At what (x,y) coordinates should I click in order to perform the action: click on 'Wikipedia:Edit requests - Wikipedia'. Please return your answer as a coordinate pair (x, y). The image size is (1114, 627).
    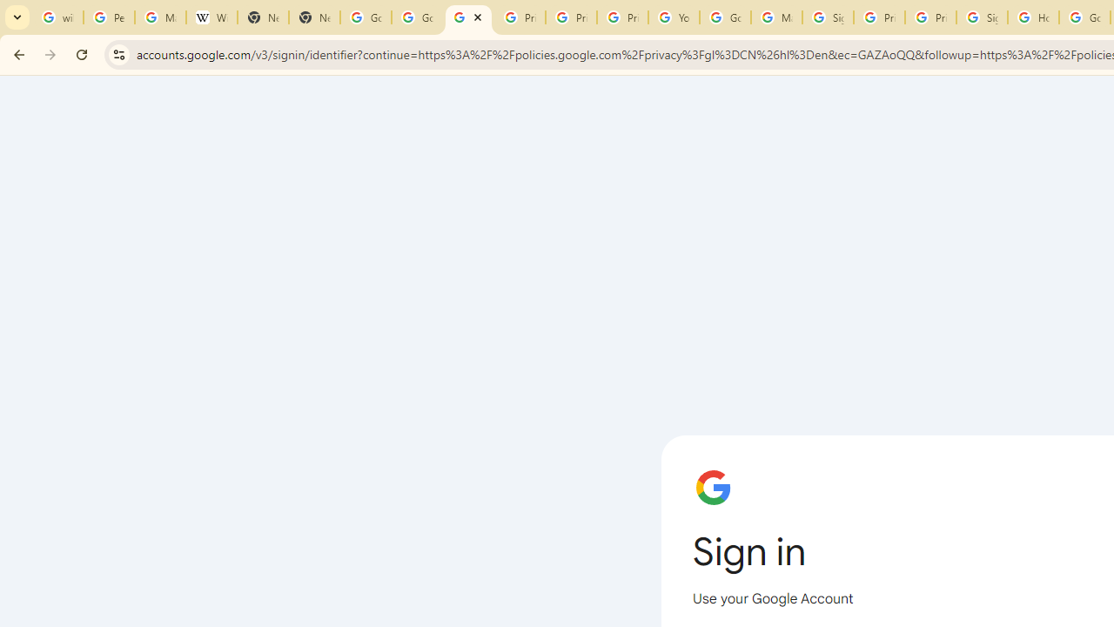
    Looking at the image, I should click on (211, 17).